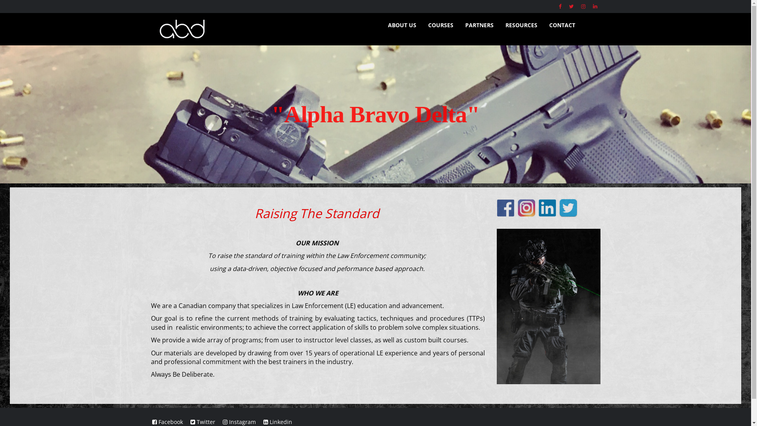 This screenshot has width=757, height=426. What do you see at coordinates (440, 25) in the screenshot?
I see `'COURSES'` at bounding box center [440, 25].